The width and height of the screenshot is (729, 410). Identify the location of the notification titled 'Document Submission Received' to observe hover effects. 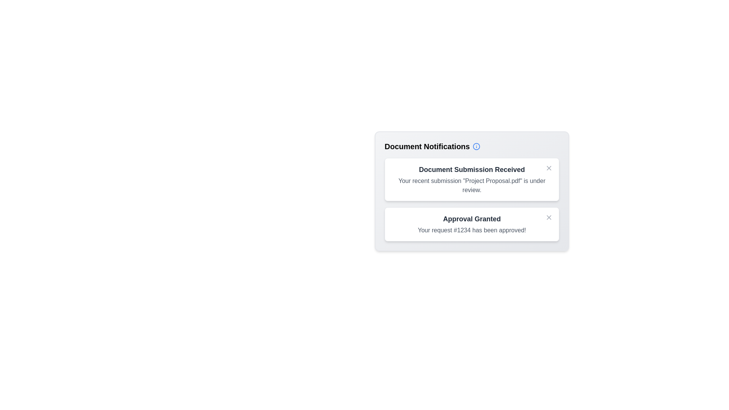
(472, 180).